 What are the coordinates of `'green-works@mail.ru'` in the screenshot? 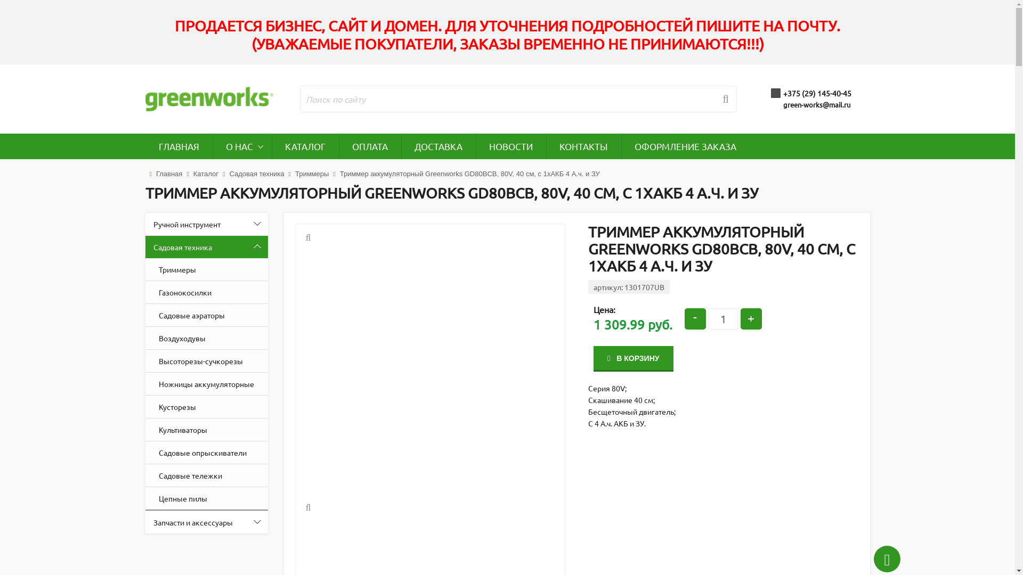 It's located at (817, 104).